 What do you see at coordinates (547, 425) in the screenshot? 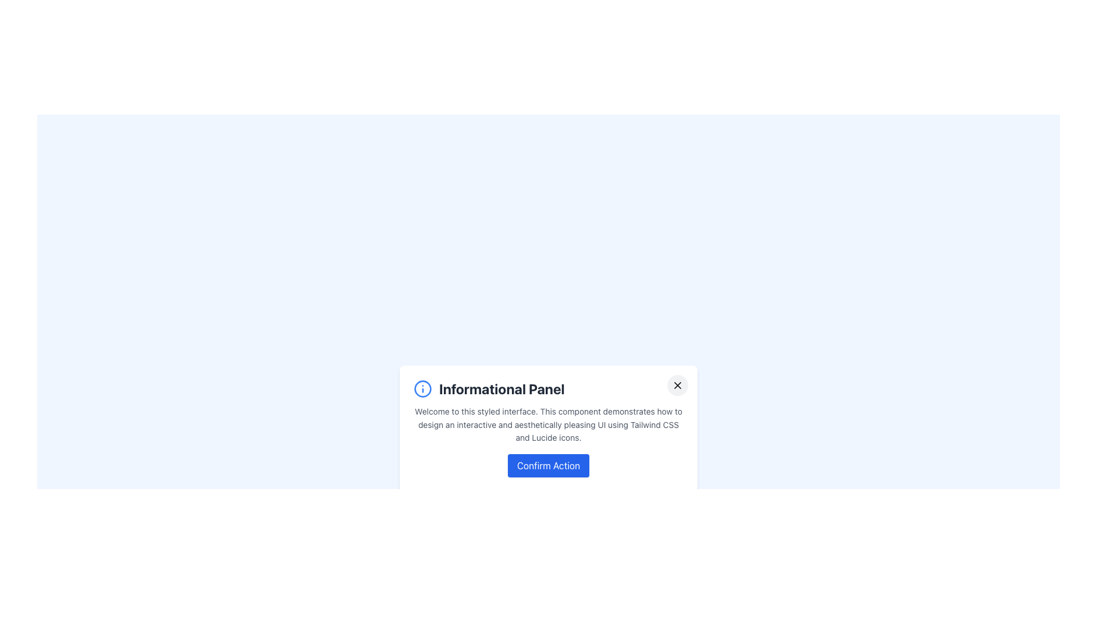
I see `the informational text component located within the 'Informational Panel', which provides details about the interface features` at bounding box center [547, 425].